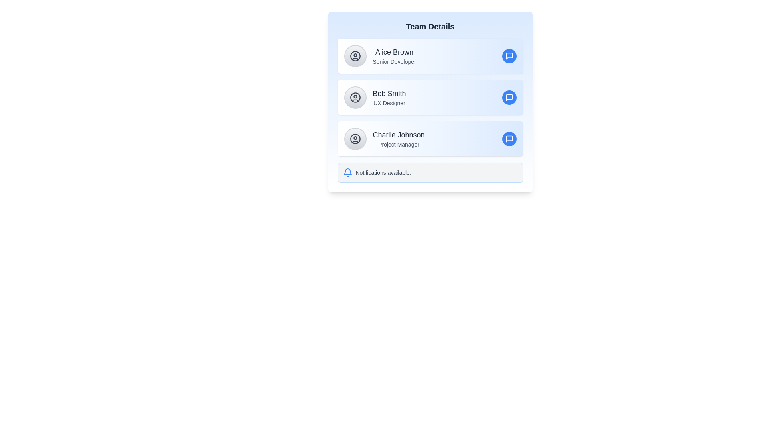 This screenshot has width=766, height=430. I want to click on the chat icon located to the right of 'Bob Smith, UX Designer' in the 'Team Details' section to initiate a chat, so click(509, 97).